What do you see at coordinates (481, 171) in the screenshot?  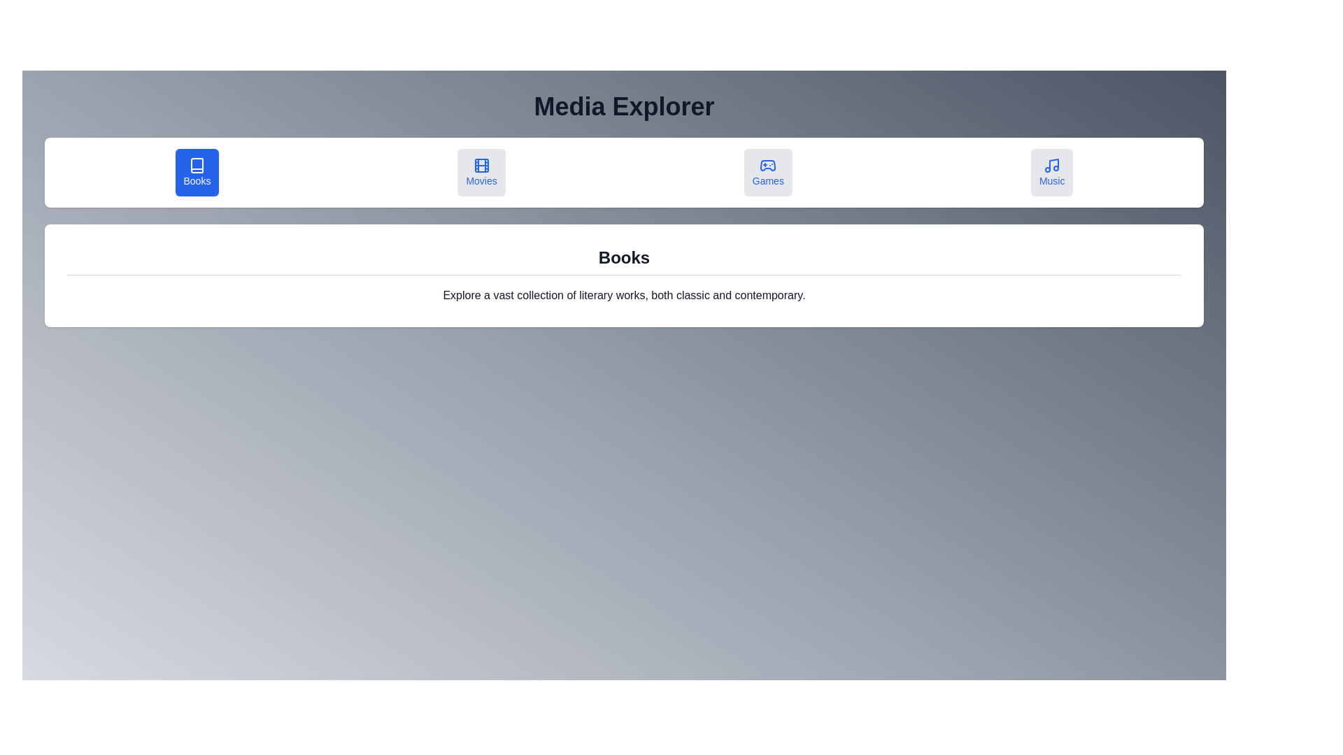 I see `the Movies tab` at bounding box center [481, 171].